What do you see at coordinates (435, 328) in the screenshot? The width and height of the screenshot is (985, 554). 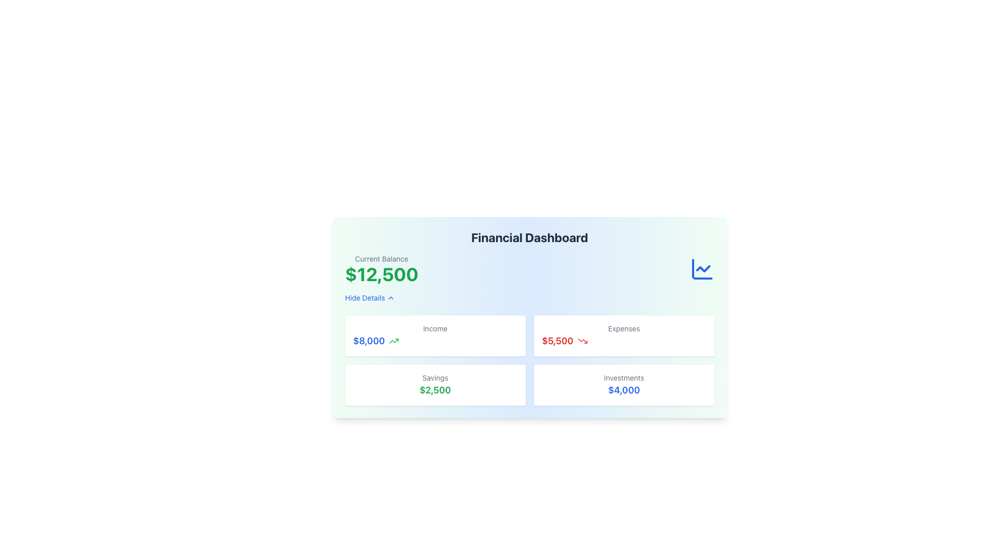 I see `the text label displaying 'Income', which is styled with a small font and light gray color, positioned above the monetary value '$8,000'` at bounding box center [435, 328].